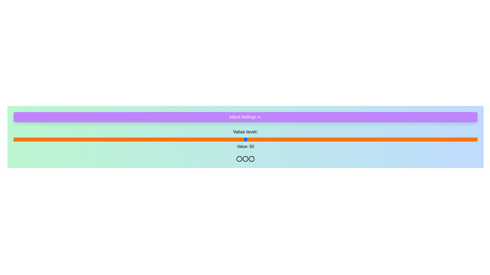 Image resolution: width=490 pixels, height=275 pixels. Describe the element at coordinates (468, 139) in the screenshot. I see `the slider to set the value to 98` at that location.